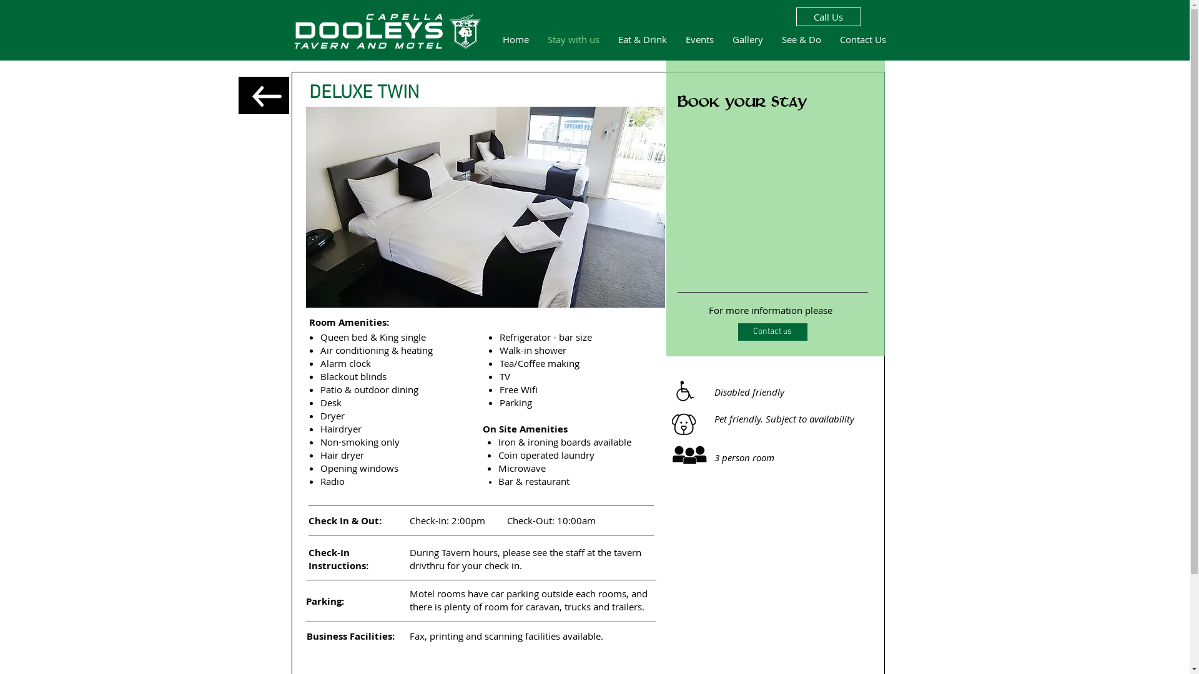 The height and width of the screenshot is (674, 1199). What do you see at coordinates (698, 38) in the screenshot?
I see `'Events'` at bounding box center [698, 38].